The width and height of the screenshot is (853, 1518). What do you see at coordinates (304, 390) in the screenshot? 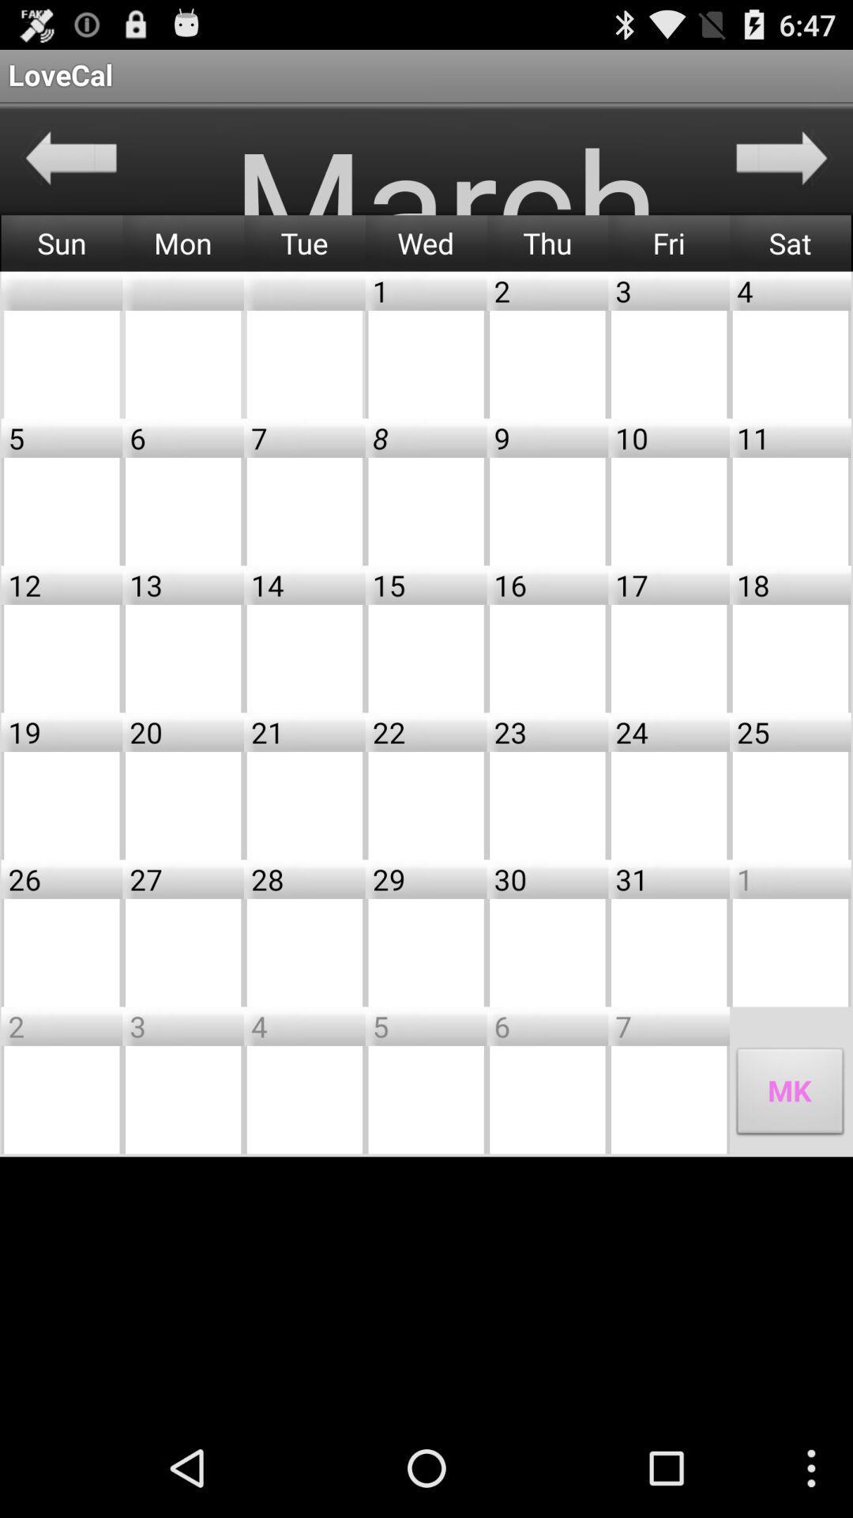
I see `the minus icon` at bounding box center [304, 390].